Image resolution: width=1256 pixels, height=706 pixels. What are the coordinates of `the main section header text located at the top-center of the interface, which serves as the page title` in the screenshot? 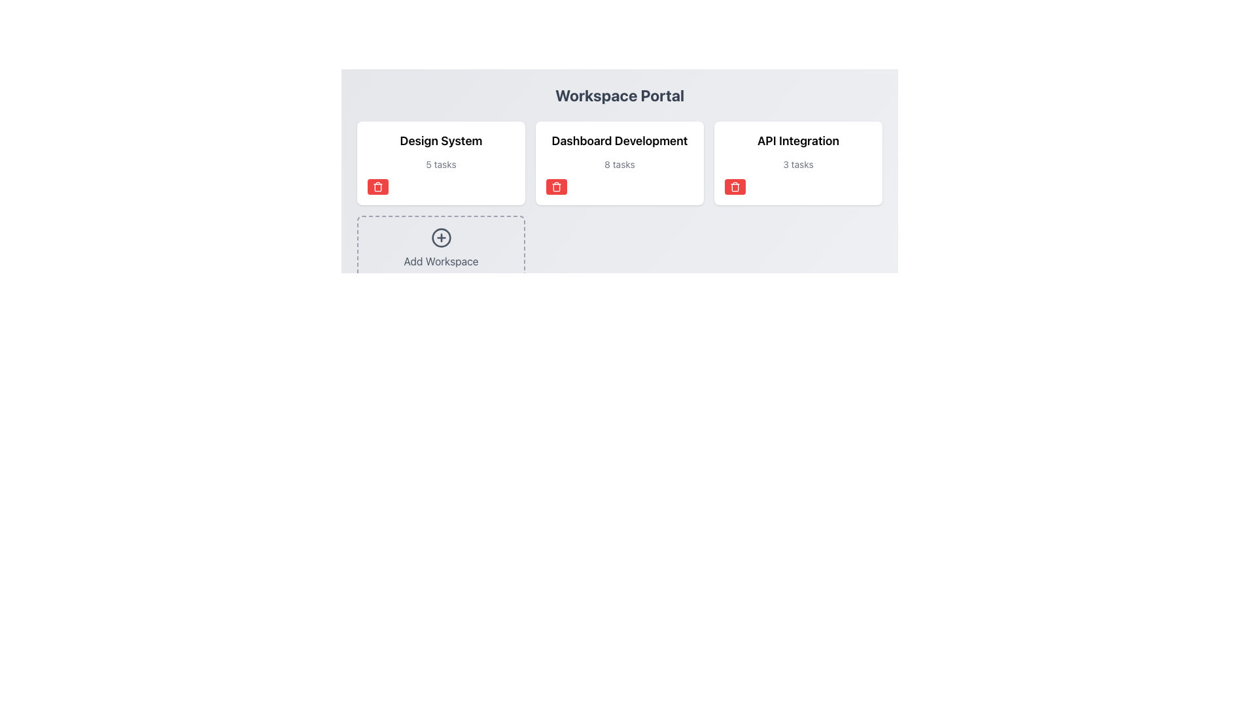 It's located at (619, 95).